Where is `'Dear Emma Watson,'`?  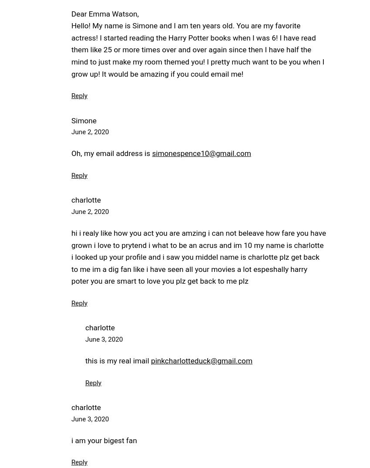
'Dear Emma Watson,' is located at coordinates (104, 13).